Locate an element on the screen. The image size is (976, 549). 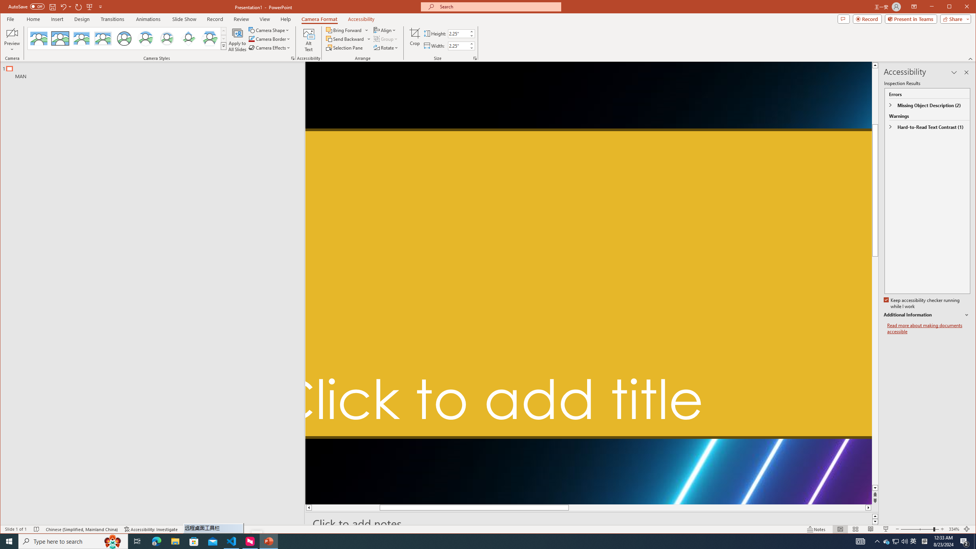
'Crop' is located at coordinates (415, 39).